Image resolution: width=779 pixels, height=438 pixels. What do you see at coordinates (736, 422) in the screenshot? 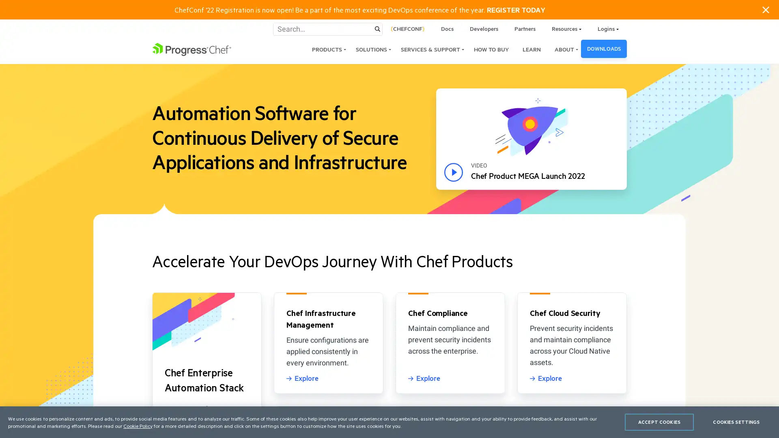
I see `COOKIES SETTINGS` at bounding box center [736, 422].